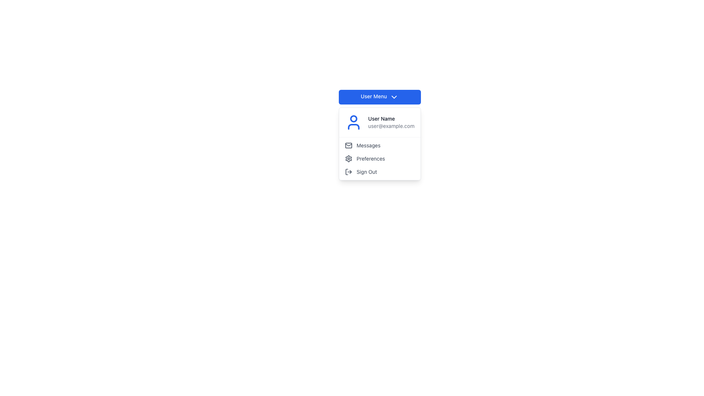 This screenshot has width=704, height=396. I want to click on the 'Sign Out' icon located in the dropdown menu under the 'User Menu' button, which visually indicates the sign out functionality, so click(348, 172).